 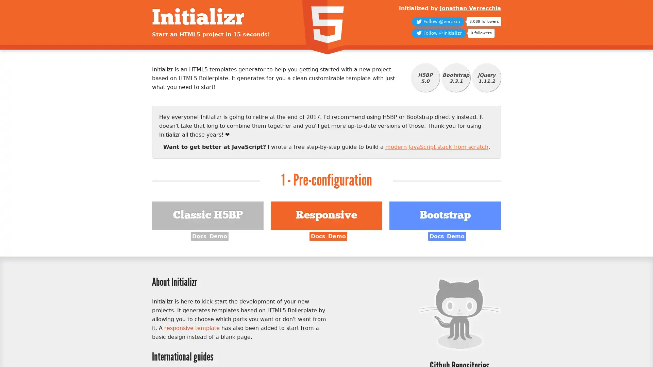 What do you see at coordinates (445, 216) in the screenshot?
I see `Bootstrap` at bounding box center [445, 216].